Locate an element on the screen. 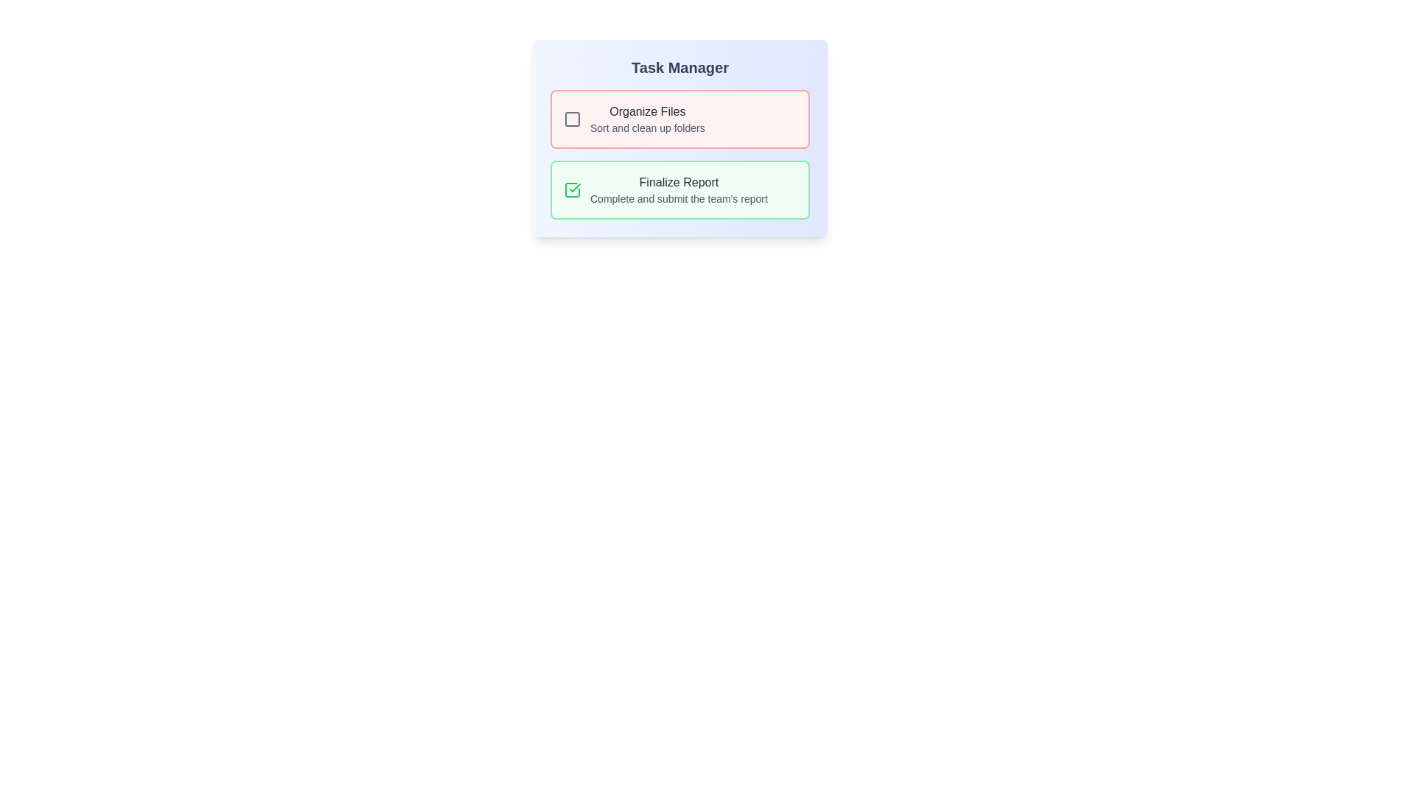 The height and width of the screenshot is (796, 1415). the static label or heading at the top of the task management card, which serves as a descriptive header for the section is located at coordinates (679, 68).